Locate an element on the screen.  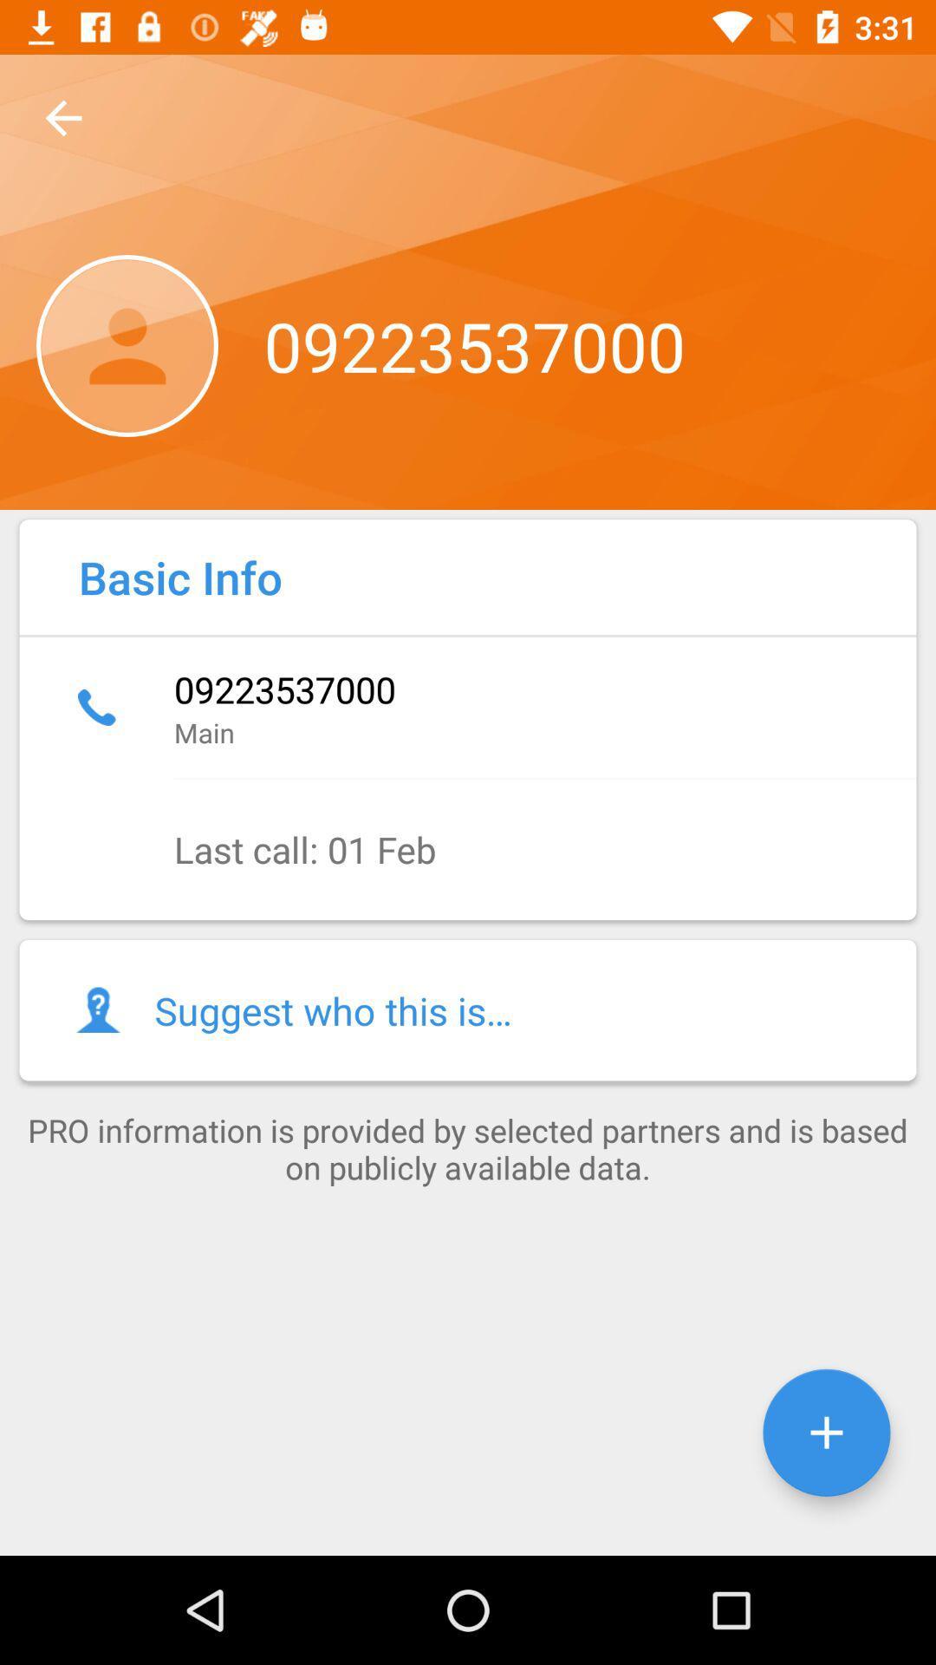
the icon above the suggest who this item is located at coordinates (468, 849).